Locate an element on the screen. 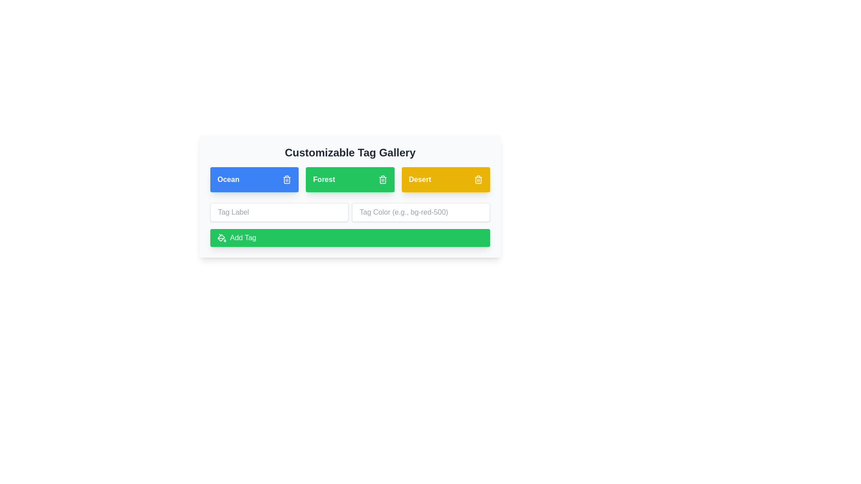  the text of the chip labeled Desert is located at coordinates (419, 180).